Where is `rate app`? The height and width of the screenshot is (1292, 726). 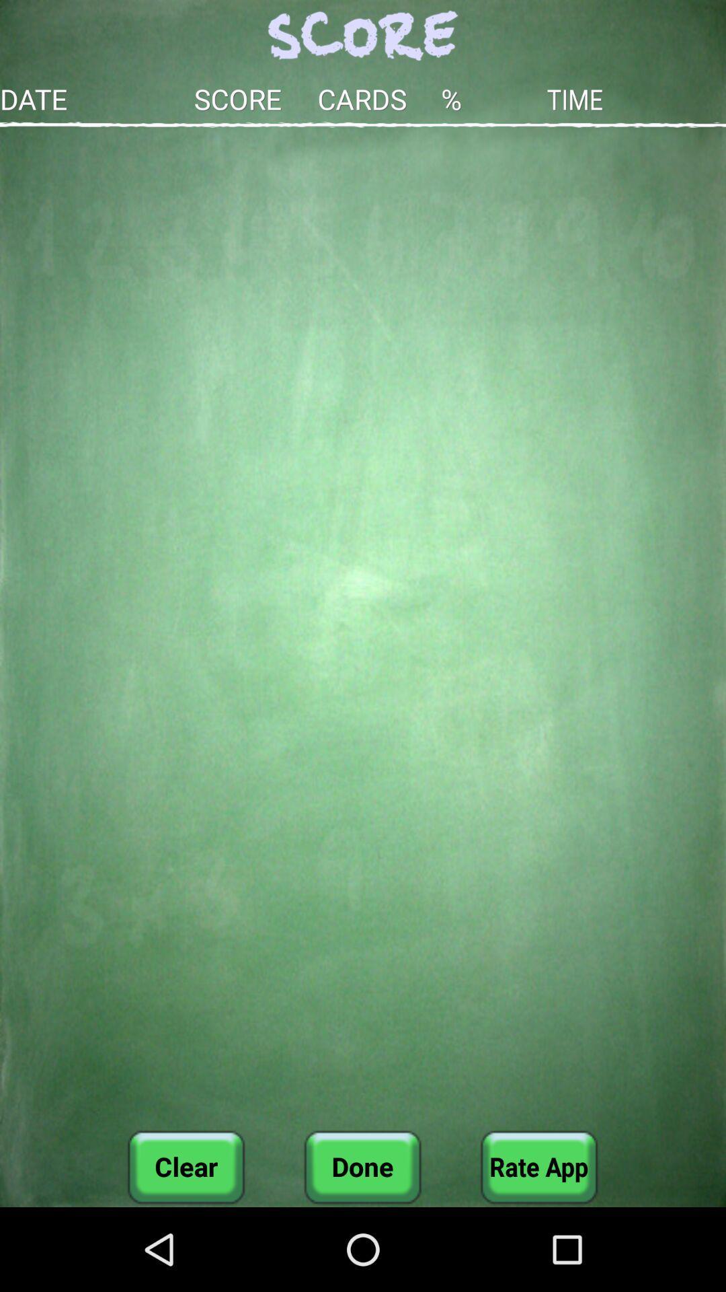
rate app is located at coordinates (538, 1166).